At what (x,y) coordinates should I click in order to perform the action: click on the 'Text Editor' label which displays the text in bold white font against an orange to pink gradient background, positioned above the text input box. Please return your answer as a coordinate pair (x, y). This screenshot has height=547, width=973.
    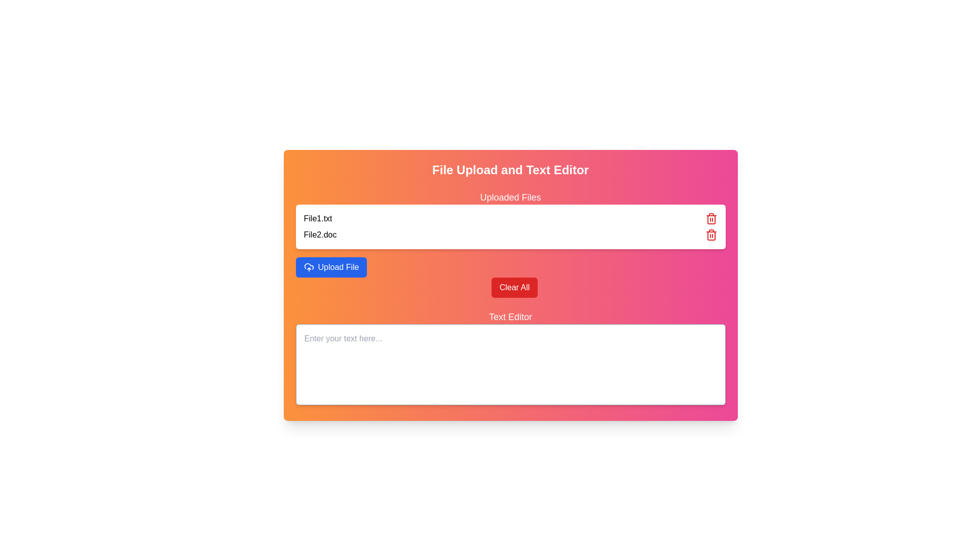
    Looking at the image, I should click on (510, 316).